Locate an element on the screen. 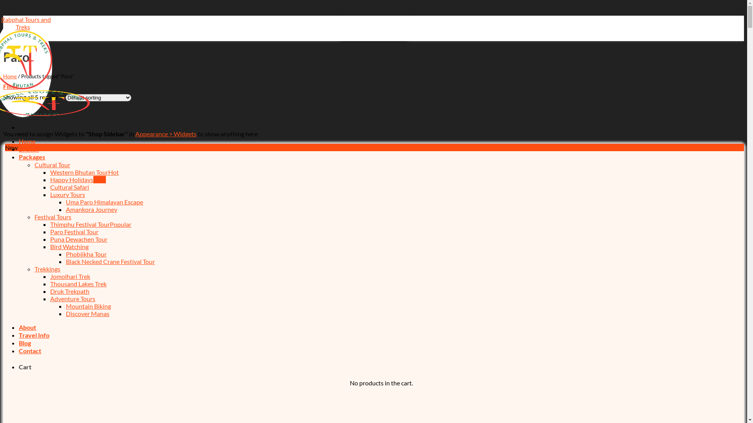 Image resolution: width=753 pixels, height=423 pixels. 'Home' is located at coordinates (19, 141).